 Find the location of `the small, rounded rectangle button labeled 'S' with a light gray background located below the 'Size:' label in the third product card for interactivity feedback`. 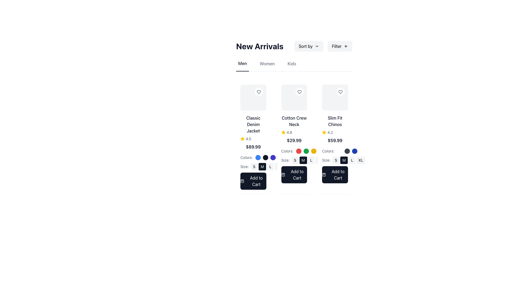

the small, rounded rectangle button labeled 'S' with a light gray background located below the 'Size:' label in the third product card for interactivity feedback is located at coordinates (335, 160).